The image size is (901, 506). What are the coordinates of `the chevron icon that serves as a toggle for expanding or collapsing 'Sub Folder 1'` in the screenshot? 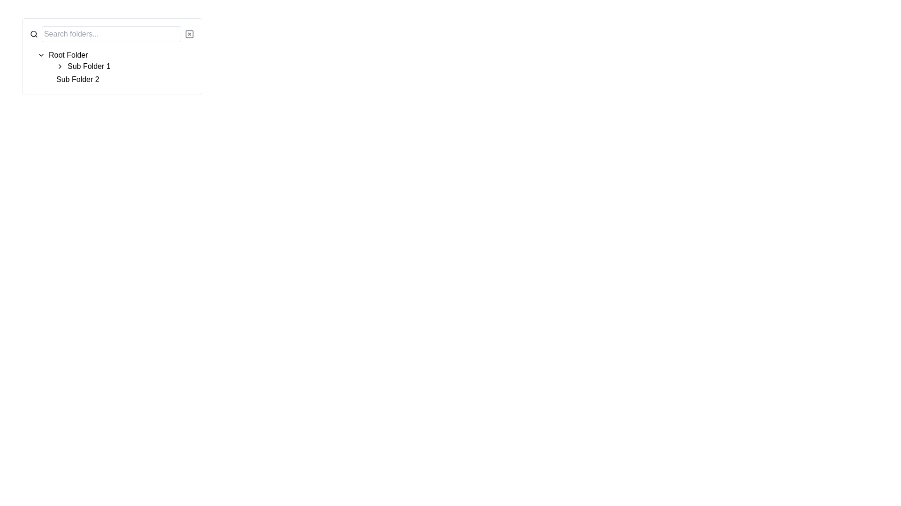 It's located at (60, 66).